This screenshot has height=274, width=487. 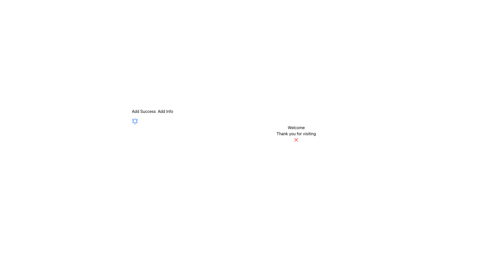 What do you see at coordinates (296, 140) in the screenshot?
I see `the dismiss button located at the bottom-right corner of the notification component, which is associated with the 'Welcome' and 'Thank you for visiting' text` at bounding box center [296, 140].